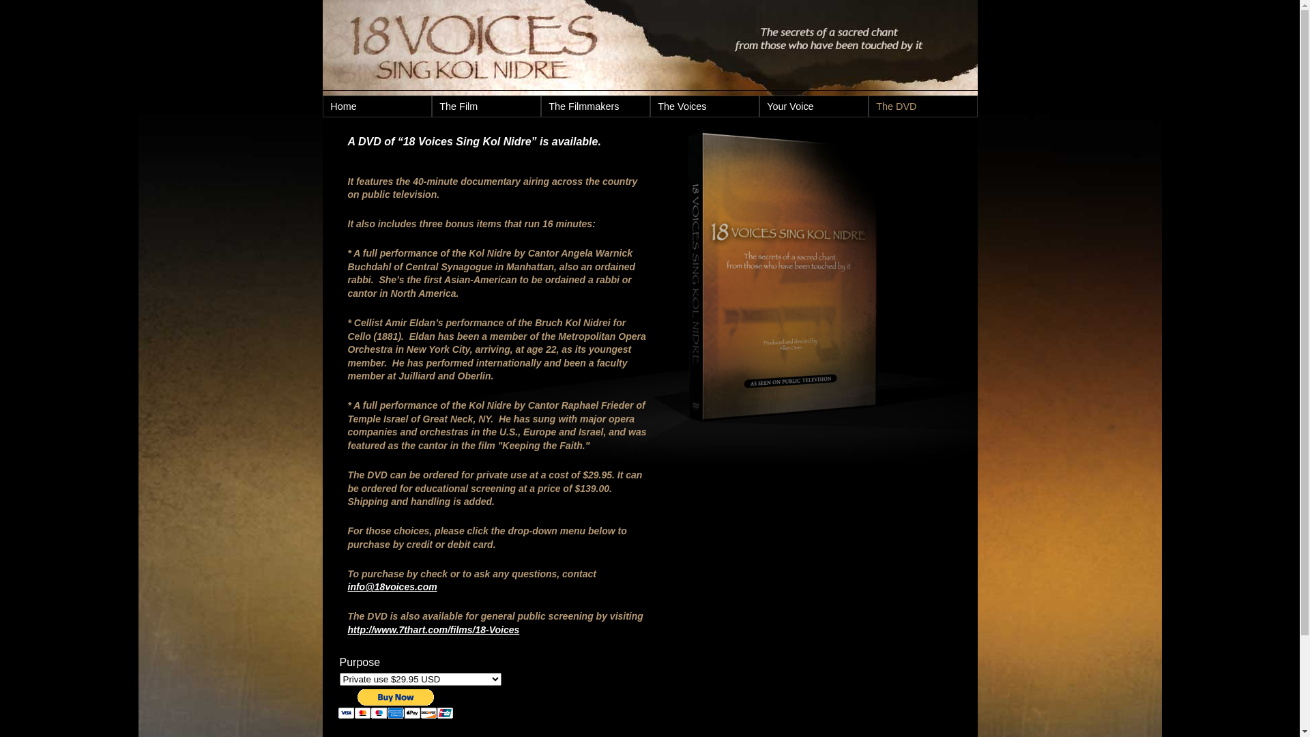  What do you see at coordinates (704, 105) in the screenshot?
I see `'The Voices'` at bounding box center [704, 105].